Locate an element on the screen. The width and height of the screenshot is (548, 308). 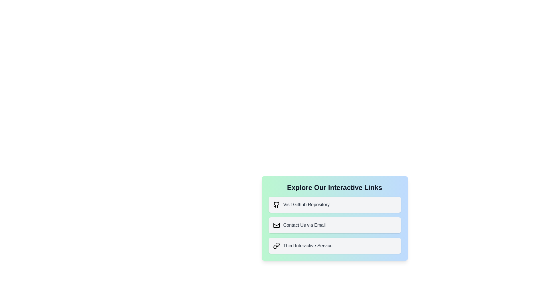
the envelope icon representing email communication, which is part of the 'Contact Us via Email' option, located to the left of the corresponding text is located at coordinates (276, 225).